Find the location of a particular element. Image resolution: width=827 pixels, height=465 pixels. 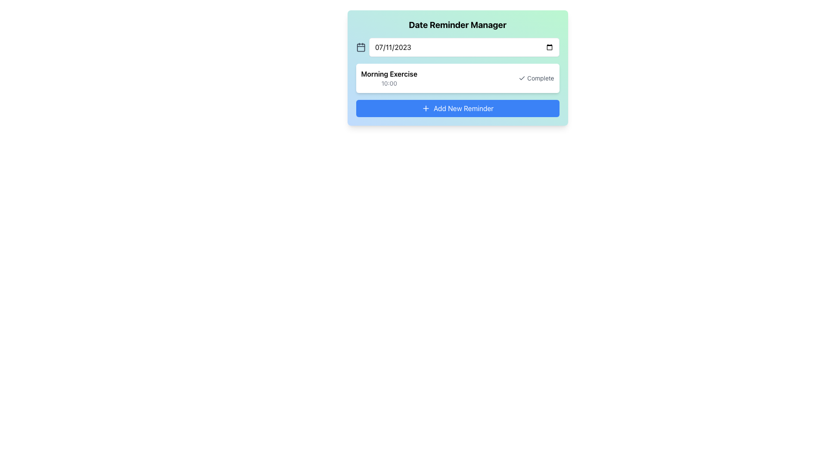

text label 'Add New Reminder' located on the button at the bottom center of the interface, which indicates the action of adding a new reminder is located at coordinates (463, 108).